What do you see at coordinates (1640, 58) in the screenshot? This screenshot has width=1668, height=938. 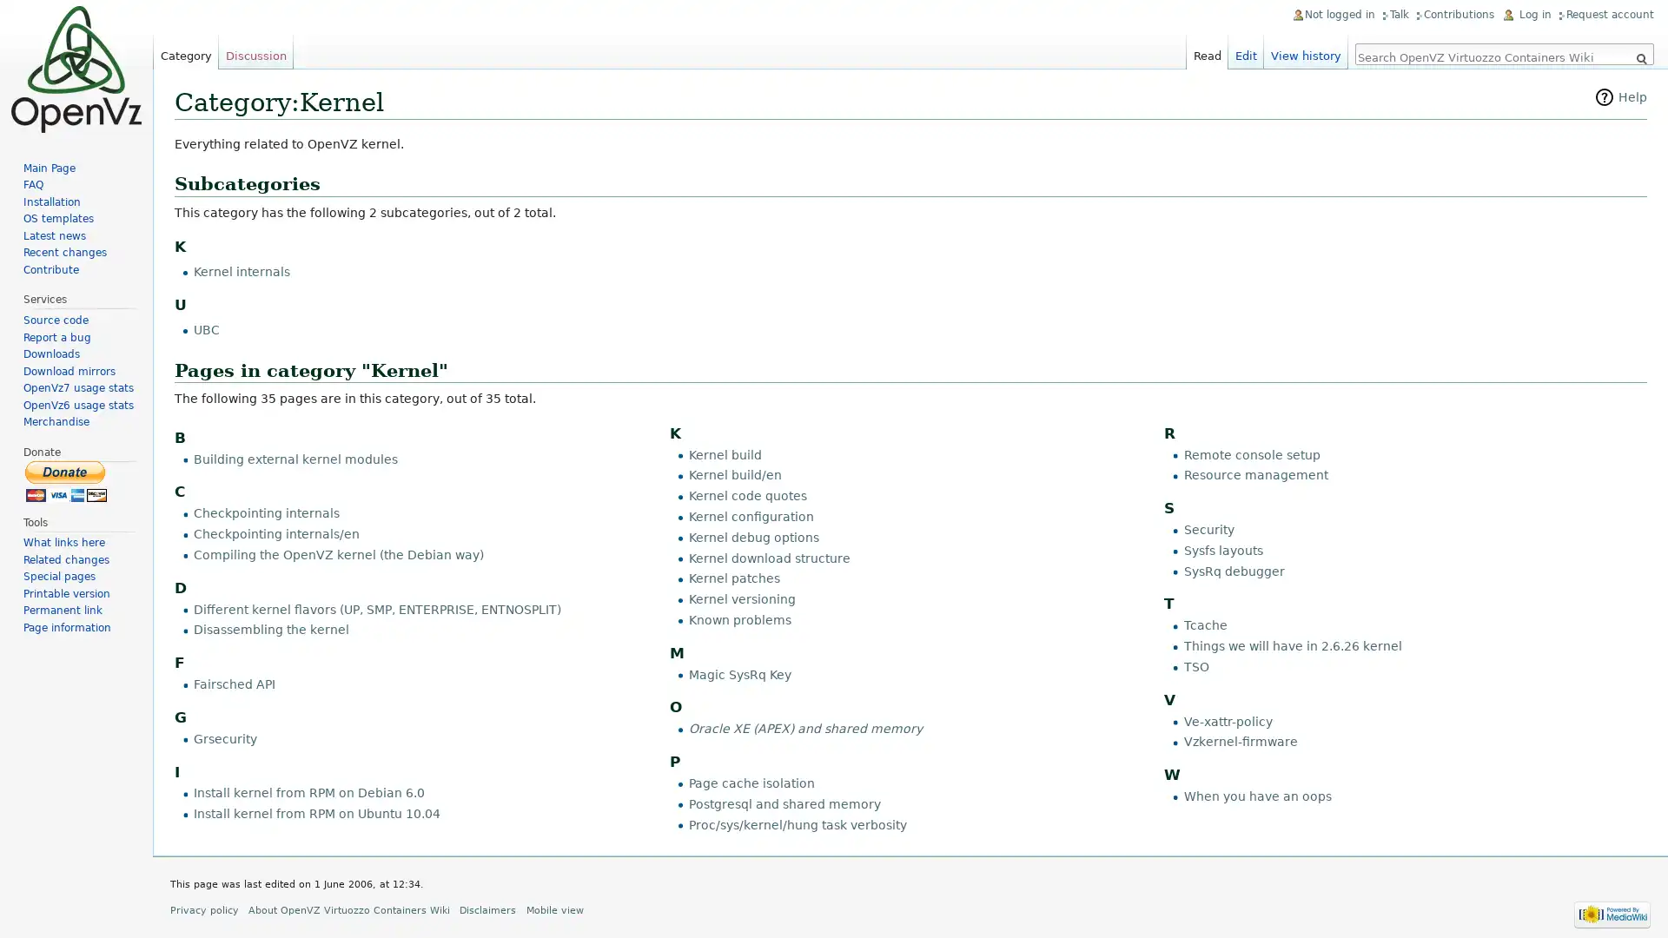 I see `Go` at bounding box center [1640, 58].